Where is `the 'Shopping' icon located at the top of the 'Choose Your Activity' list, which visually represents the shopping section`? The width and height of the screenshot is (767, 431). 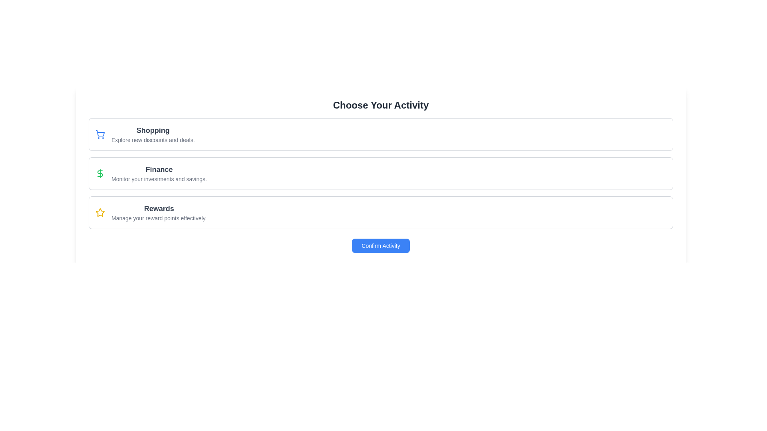 the 'Shopping' icon located at the top of the 'Choose Your Activity' list, which visually represents the shopping section is located at coordinates (99, 134).